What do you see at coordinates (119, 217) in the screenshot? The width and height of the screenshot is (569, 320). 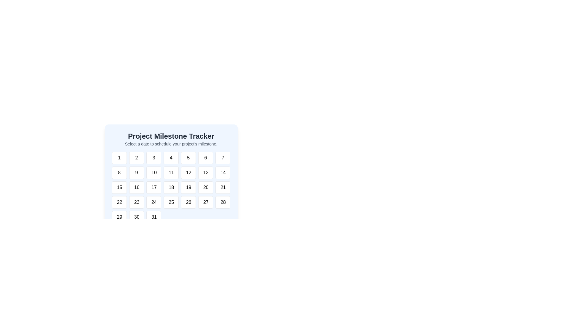 I see `the date selection button for the date 29 in the calendar interface, located in the sixth row and first column under 'Project Milestone Tracker'` at bounding box center [119, 217].